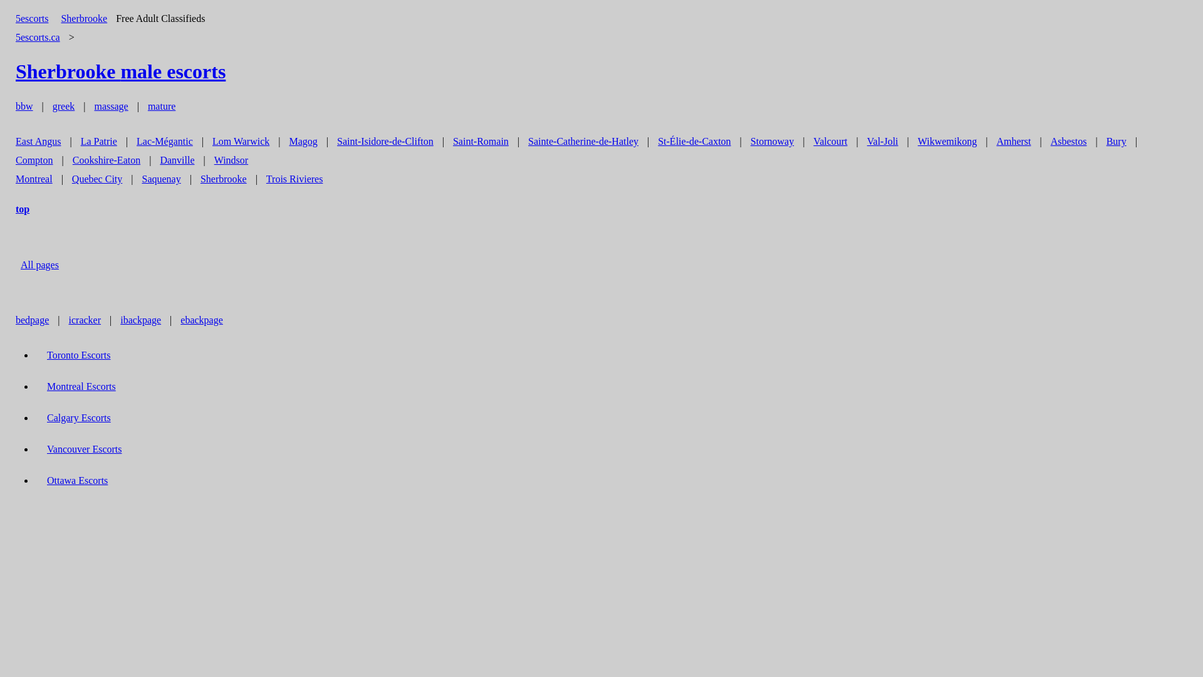  I want to click on 'icracker', so click(84, 319).